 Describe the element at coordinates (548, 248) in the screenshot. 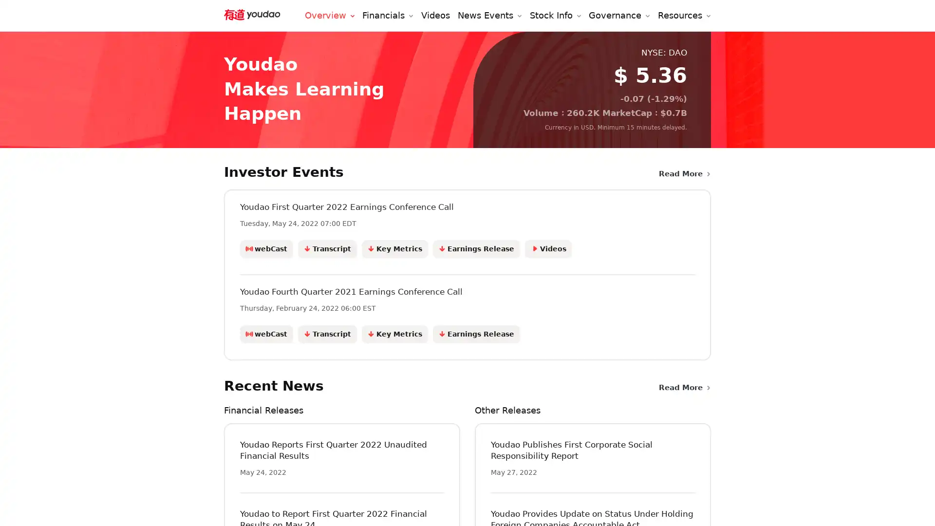

I see `Videos` at that location.